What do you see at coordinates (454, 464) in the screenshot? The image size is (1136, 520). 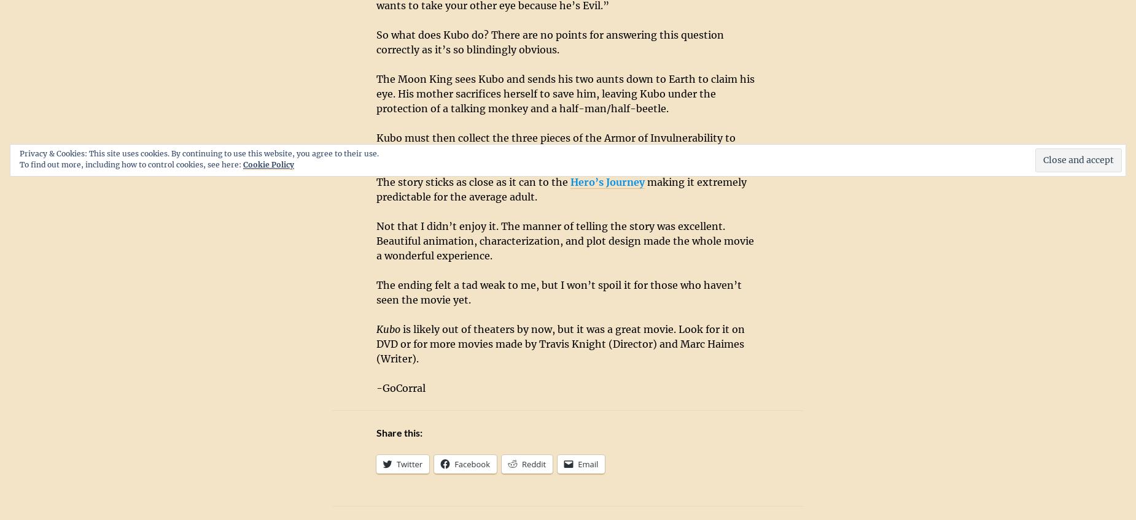 I see `'Facebook'` at bounding box center [454, 464].